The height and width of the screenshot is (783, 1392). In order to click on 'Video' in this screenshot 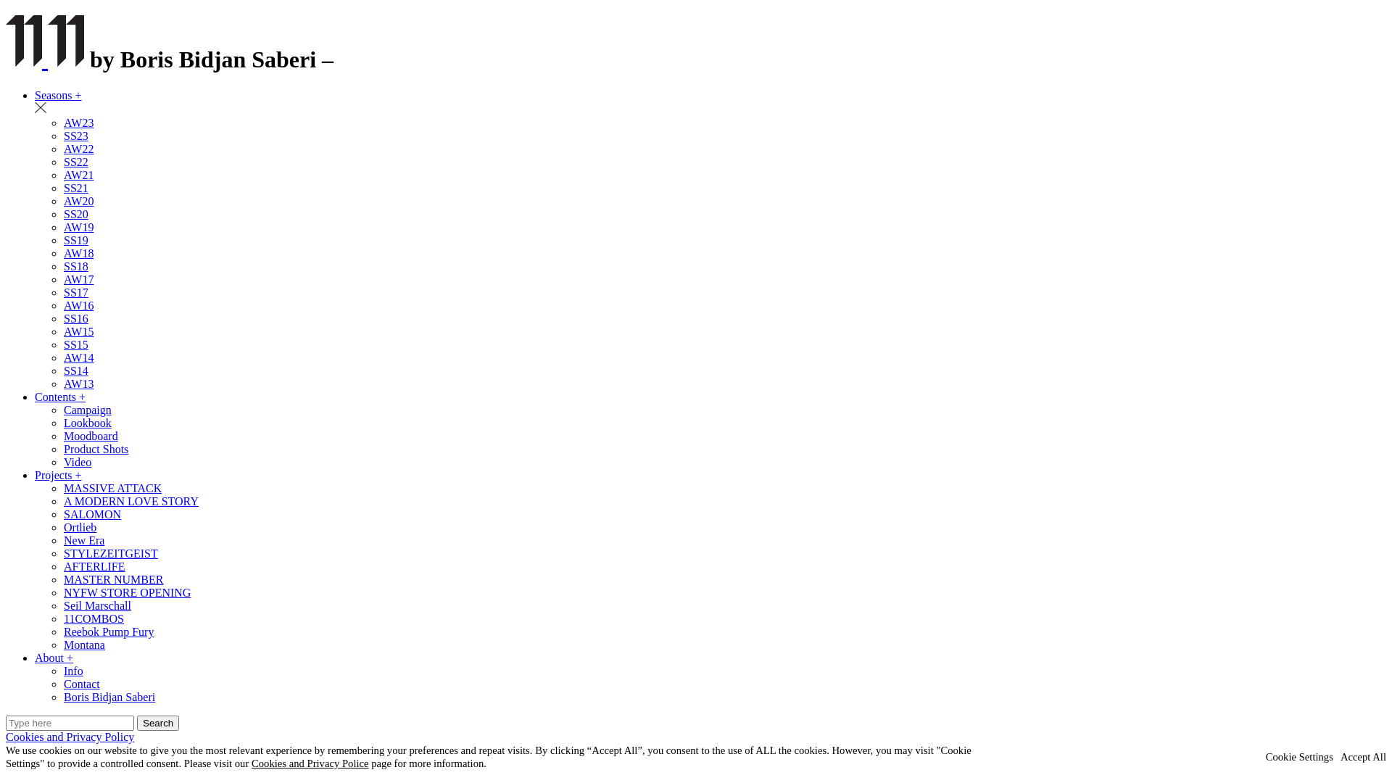, I will do `click(62, 462)`.